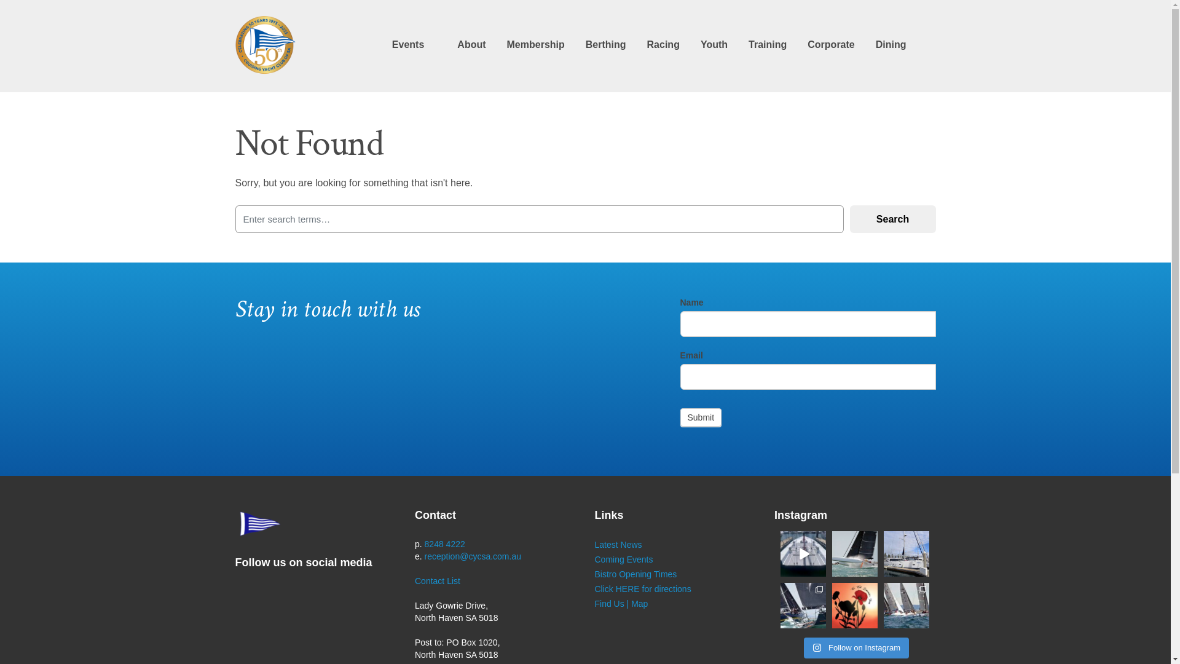  Describe the element at coordinates (642, 588) in the screenshot. I see `'Click HERE for directions'` at that location.